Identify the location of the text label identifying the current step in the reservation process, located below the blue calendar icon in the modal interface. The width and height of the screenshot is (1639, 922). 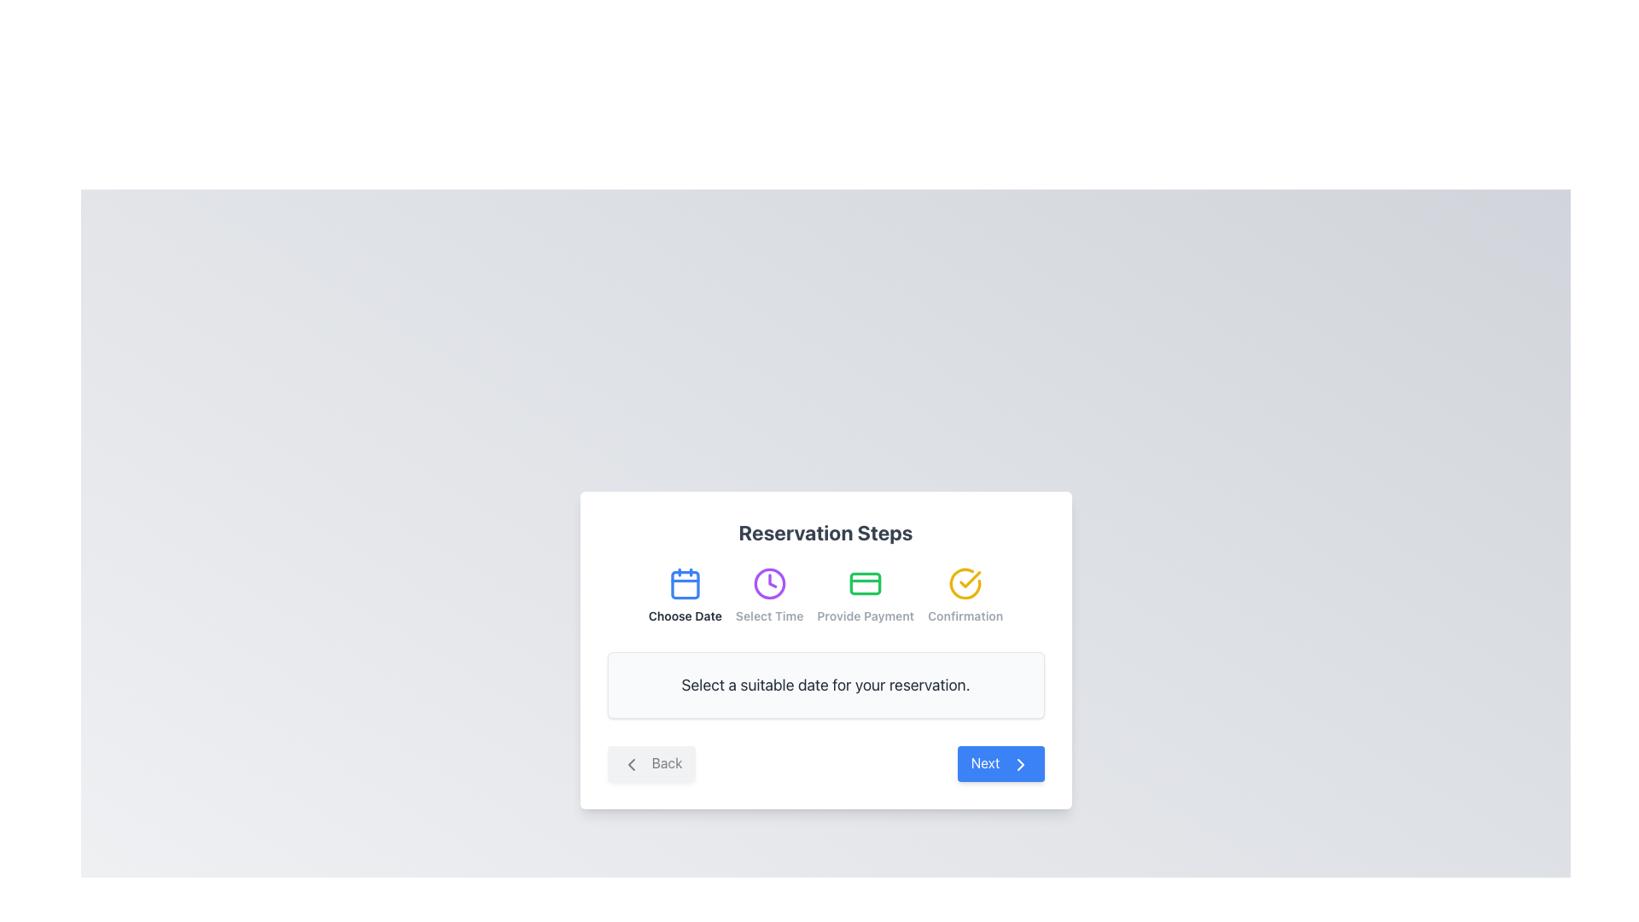
(685, 616).